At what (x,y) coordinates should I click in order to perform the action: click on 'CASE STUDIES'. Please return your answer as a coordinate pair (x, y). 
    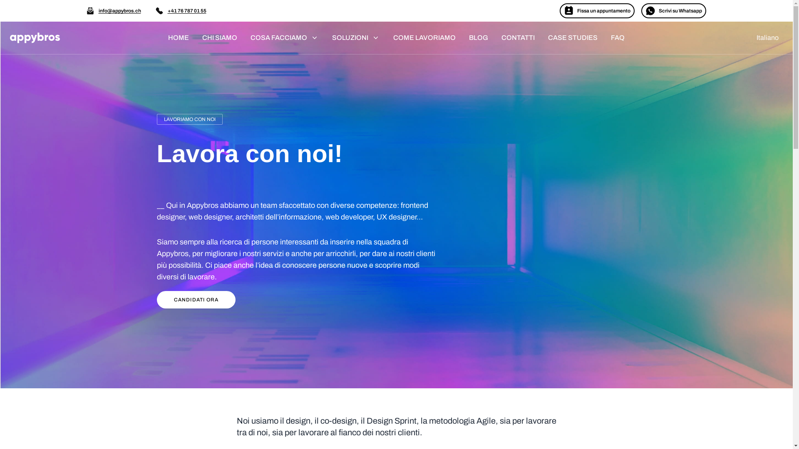
    Looking at the image, I should click on (572, 38).